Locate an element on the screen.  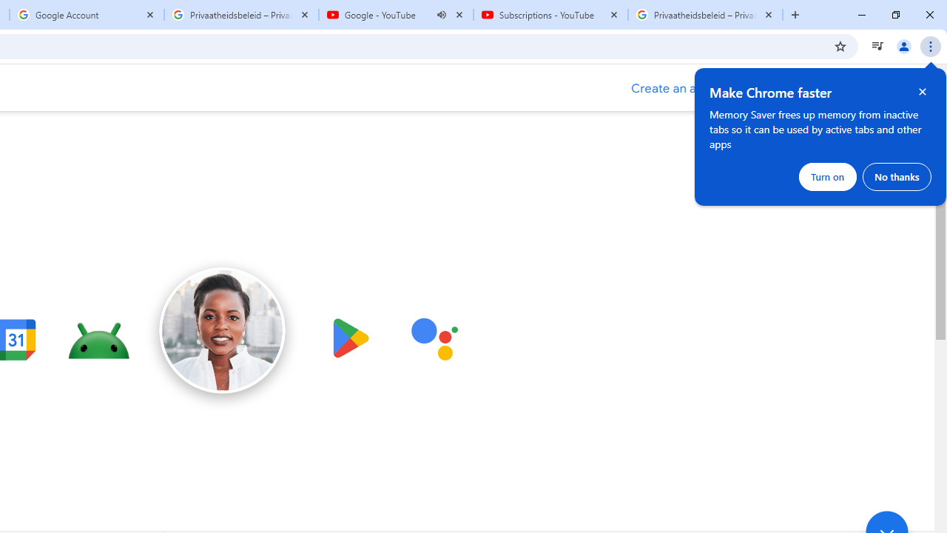
'Subscriptions - YouTube' is located at coordinates (550, 15).